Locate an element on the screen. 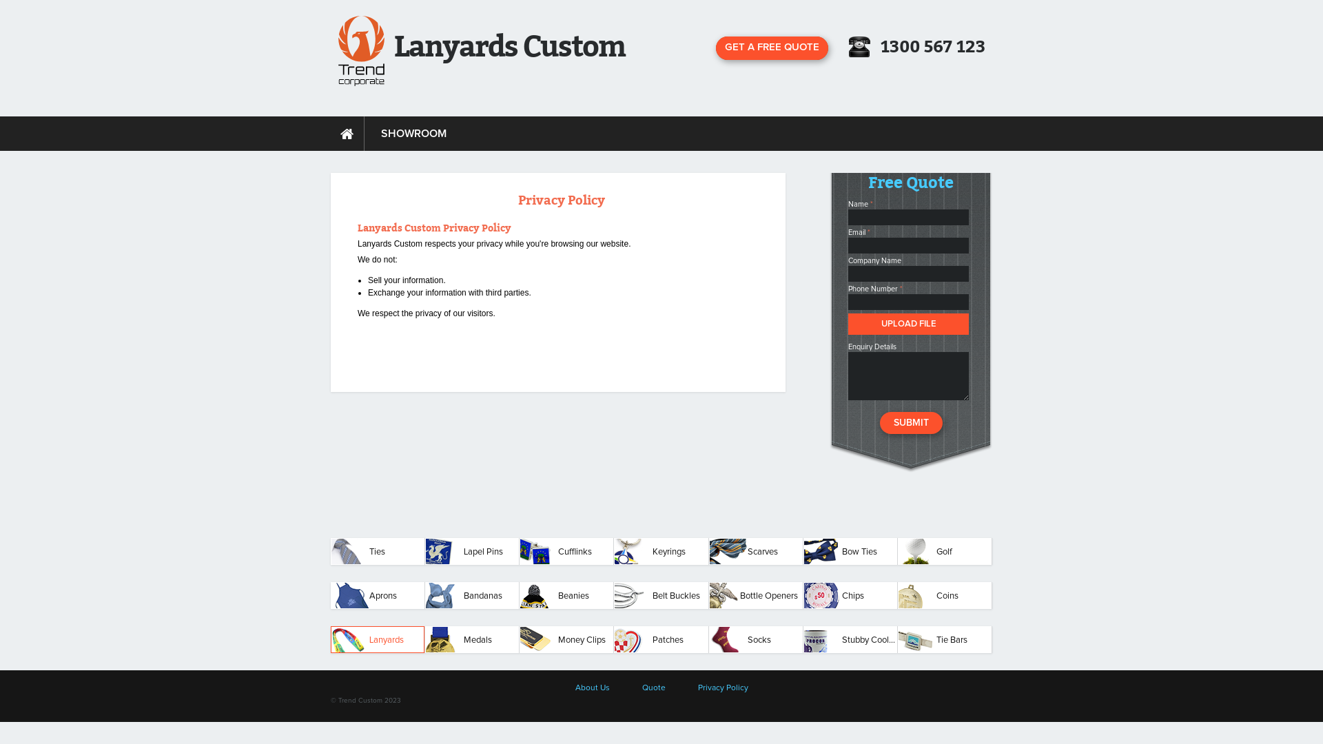 Image resolution: width=1323 pixels, height=744 pixels. 'GET A FREE QUOTE' is located at coordinates (772, 47).